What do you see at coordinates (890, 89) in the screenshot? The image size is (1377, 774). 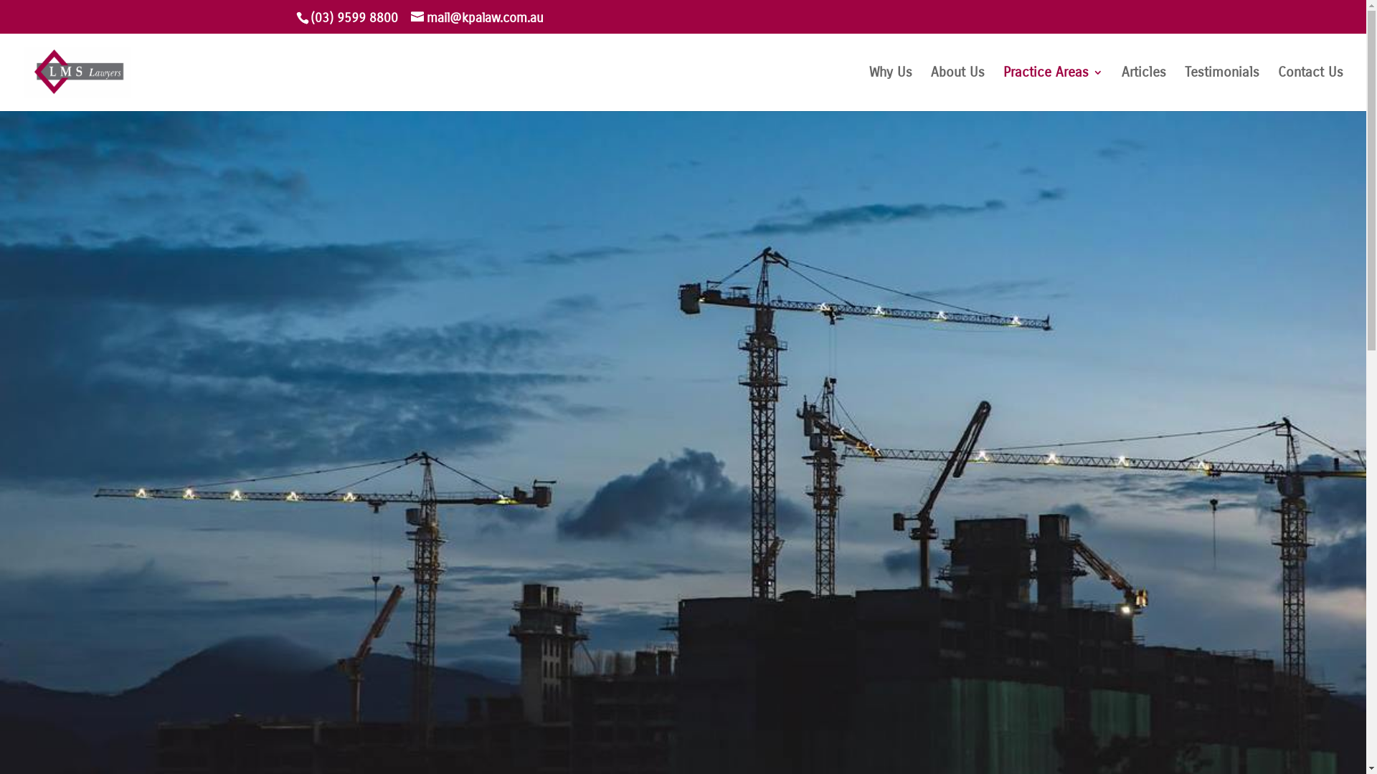 I see `'Why Us'` at bounding box center [890, 89].